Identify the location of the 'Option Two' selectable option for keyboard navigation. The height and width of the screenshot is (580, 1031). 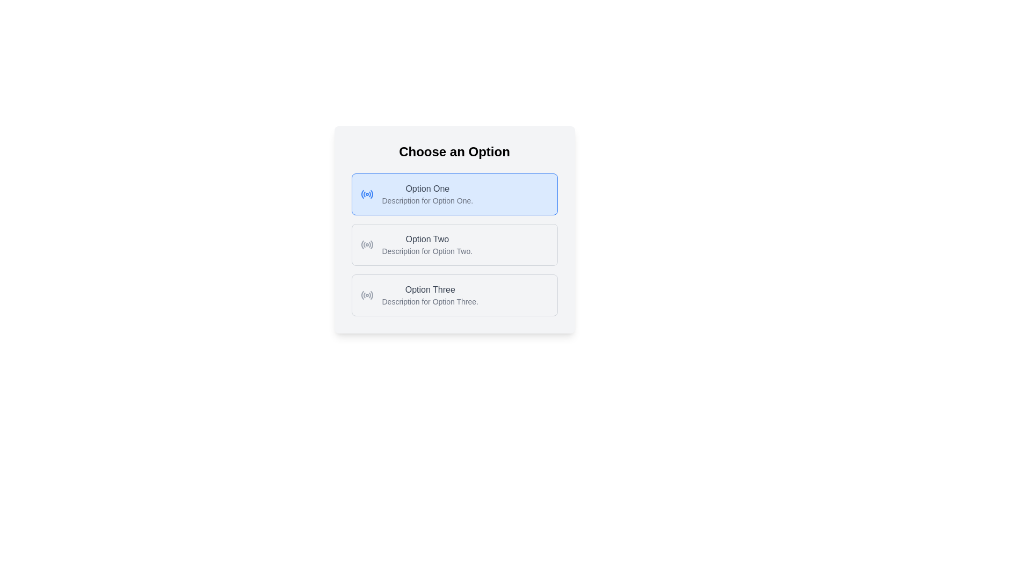
(454, 244).